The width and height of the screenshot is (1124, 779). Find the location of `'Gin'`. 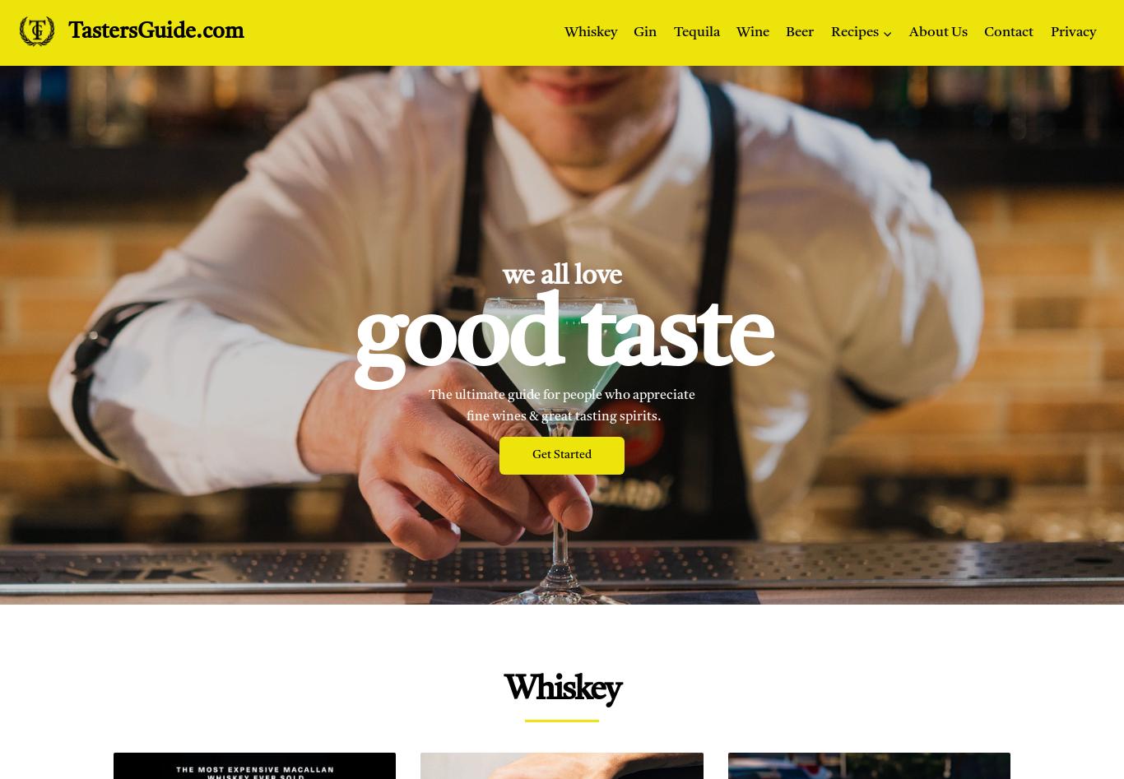

'Gin' is located at coordinates (634, 32).